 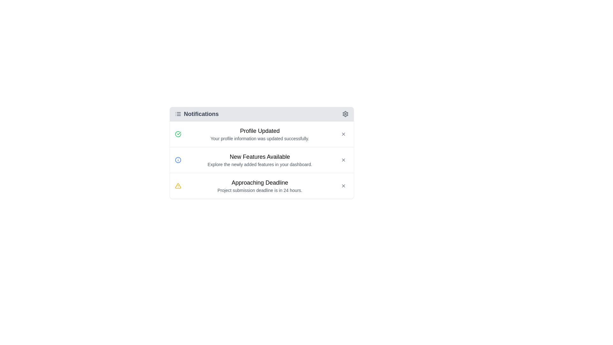 I want to click on the 'X' close button located on the far right of the notification panel header, so click(x=343, y=134).